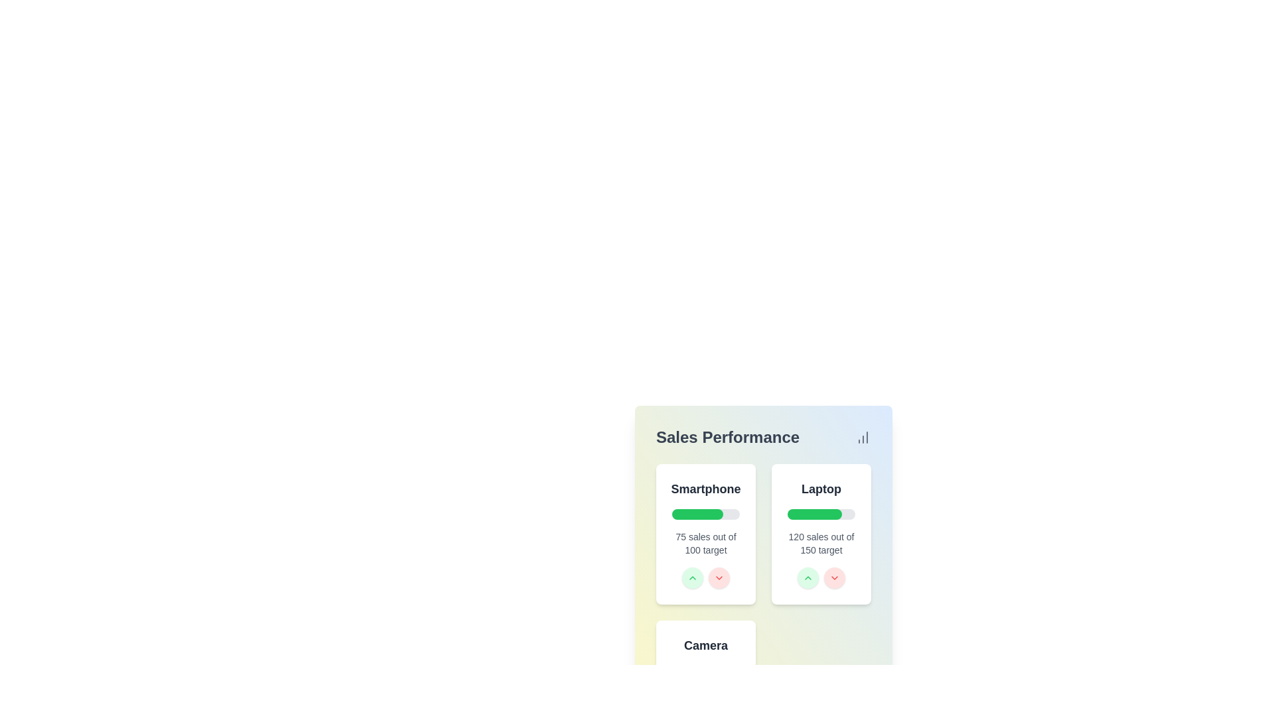 The height and width of the screenshot is (716, 1274). What do you see at coordinates (821, 513) in the screenshot?
I see `the progress representation of the horizontal progress bar with a gray background and green-filled indicator located below the '120 sales out of 150 target' text` at bounding box center [821, 513].